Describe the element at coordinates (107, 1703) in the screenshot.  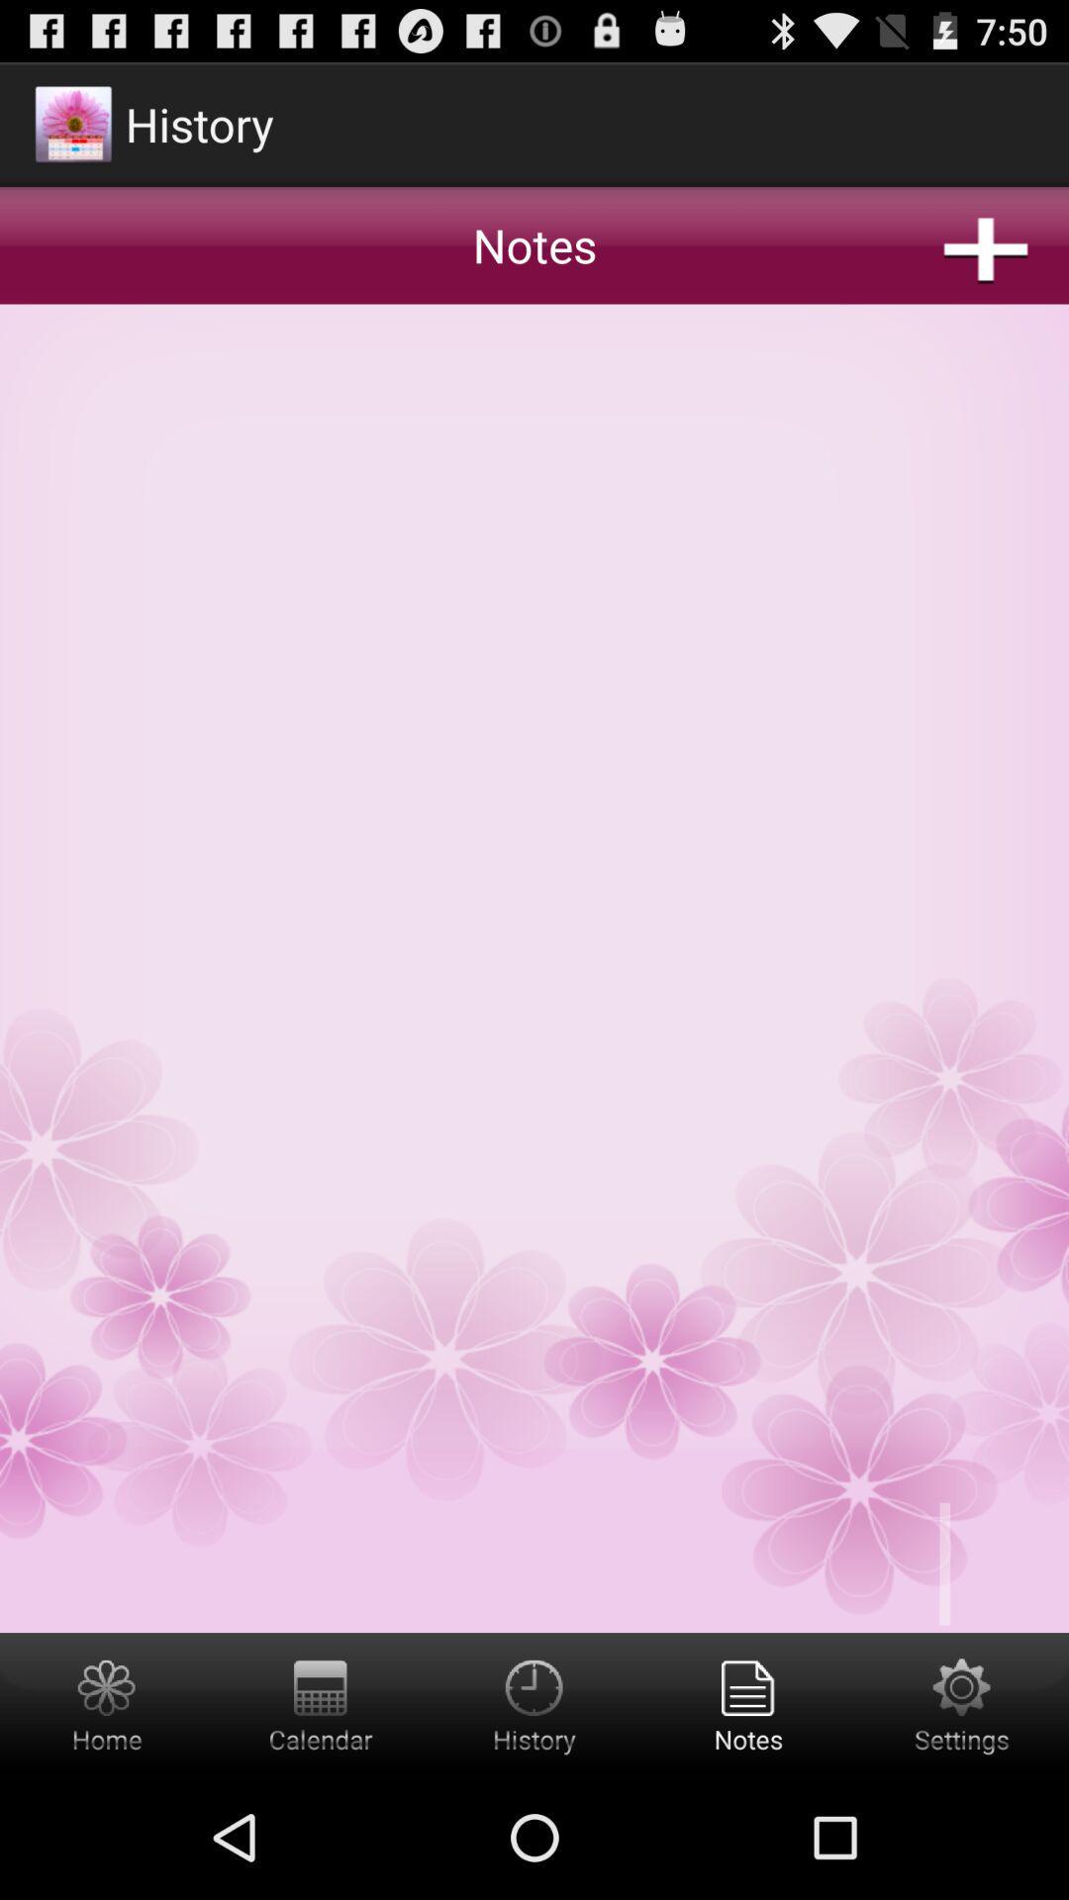
I see `go home` at that location.